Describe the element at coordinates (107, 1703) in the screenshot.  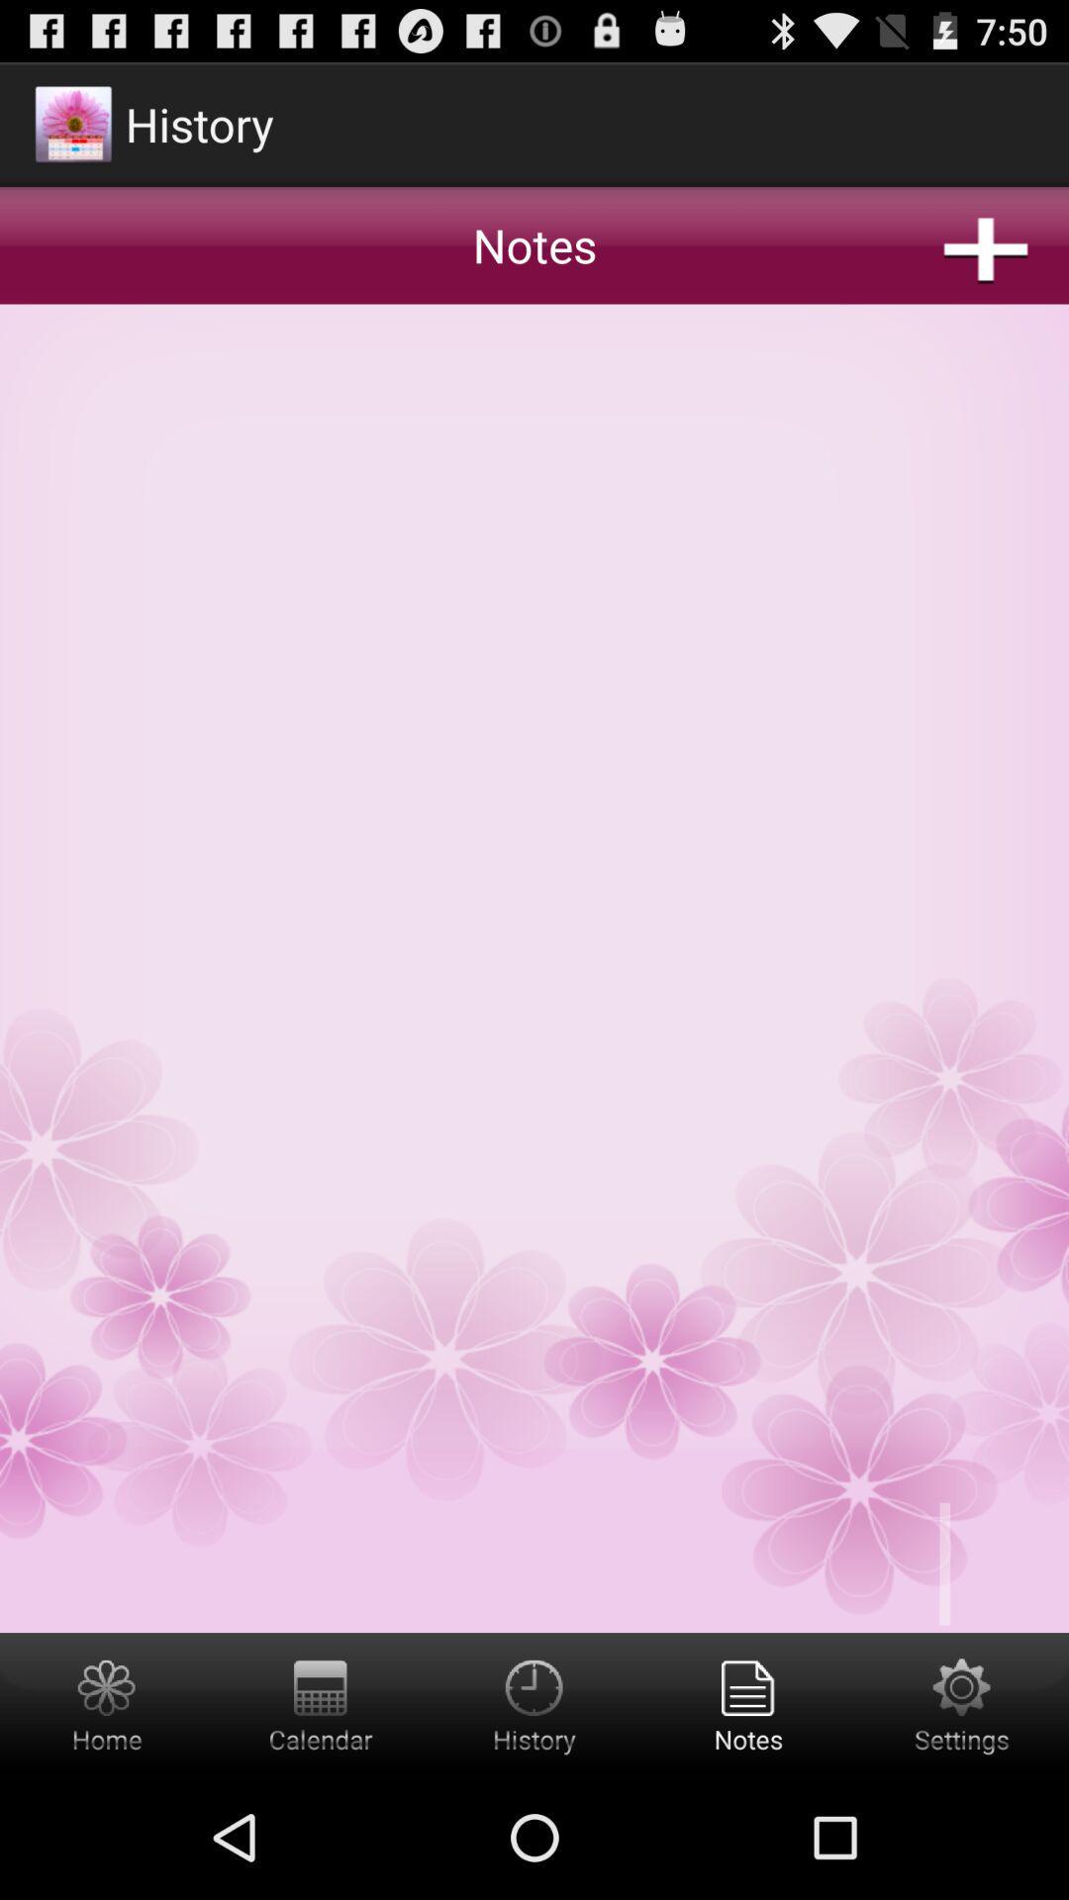
I see `go home` at that location.